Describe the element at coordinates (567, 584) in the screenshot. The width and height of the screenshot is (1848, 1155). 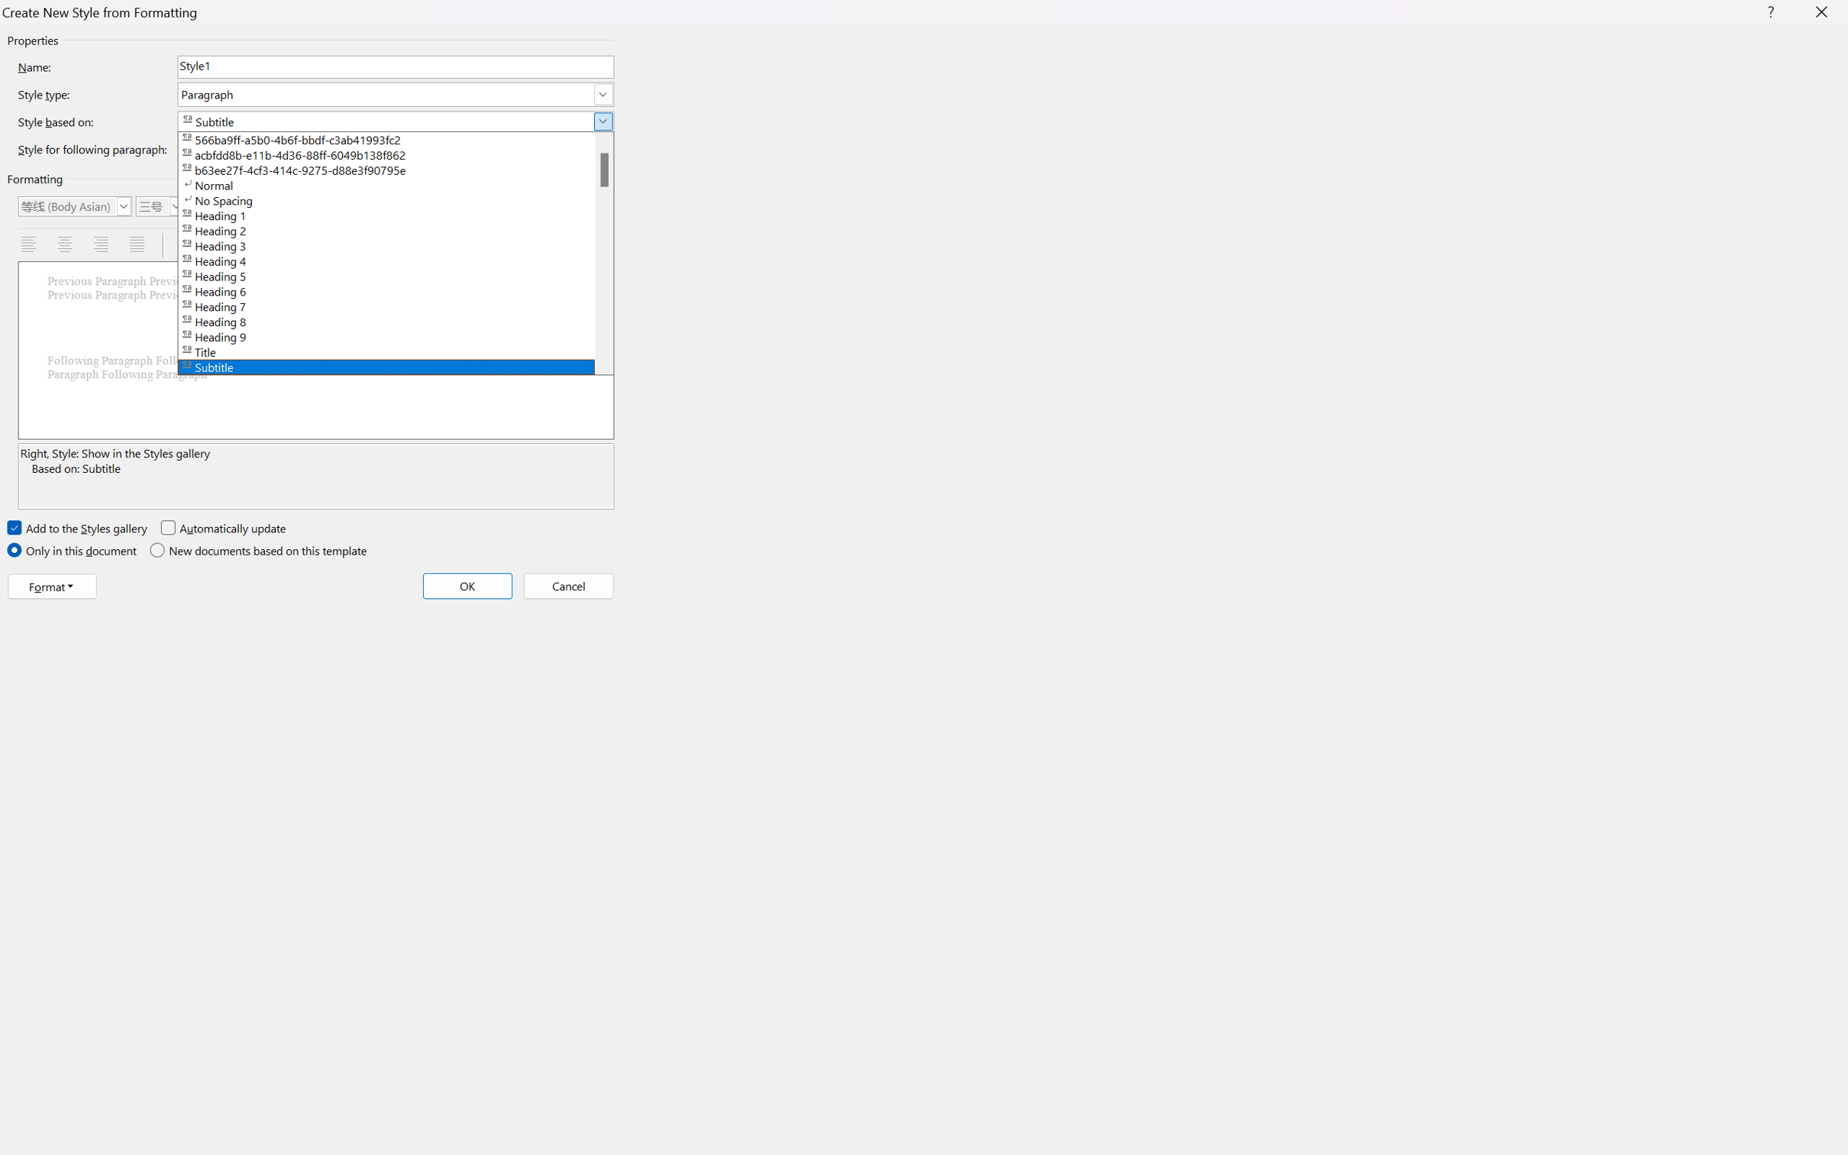
I see `'Cancel'` at that location.